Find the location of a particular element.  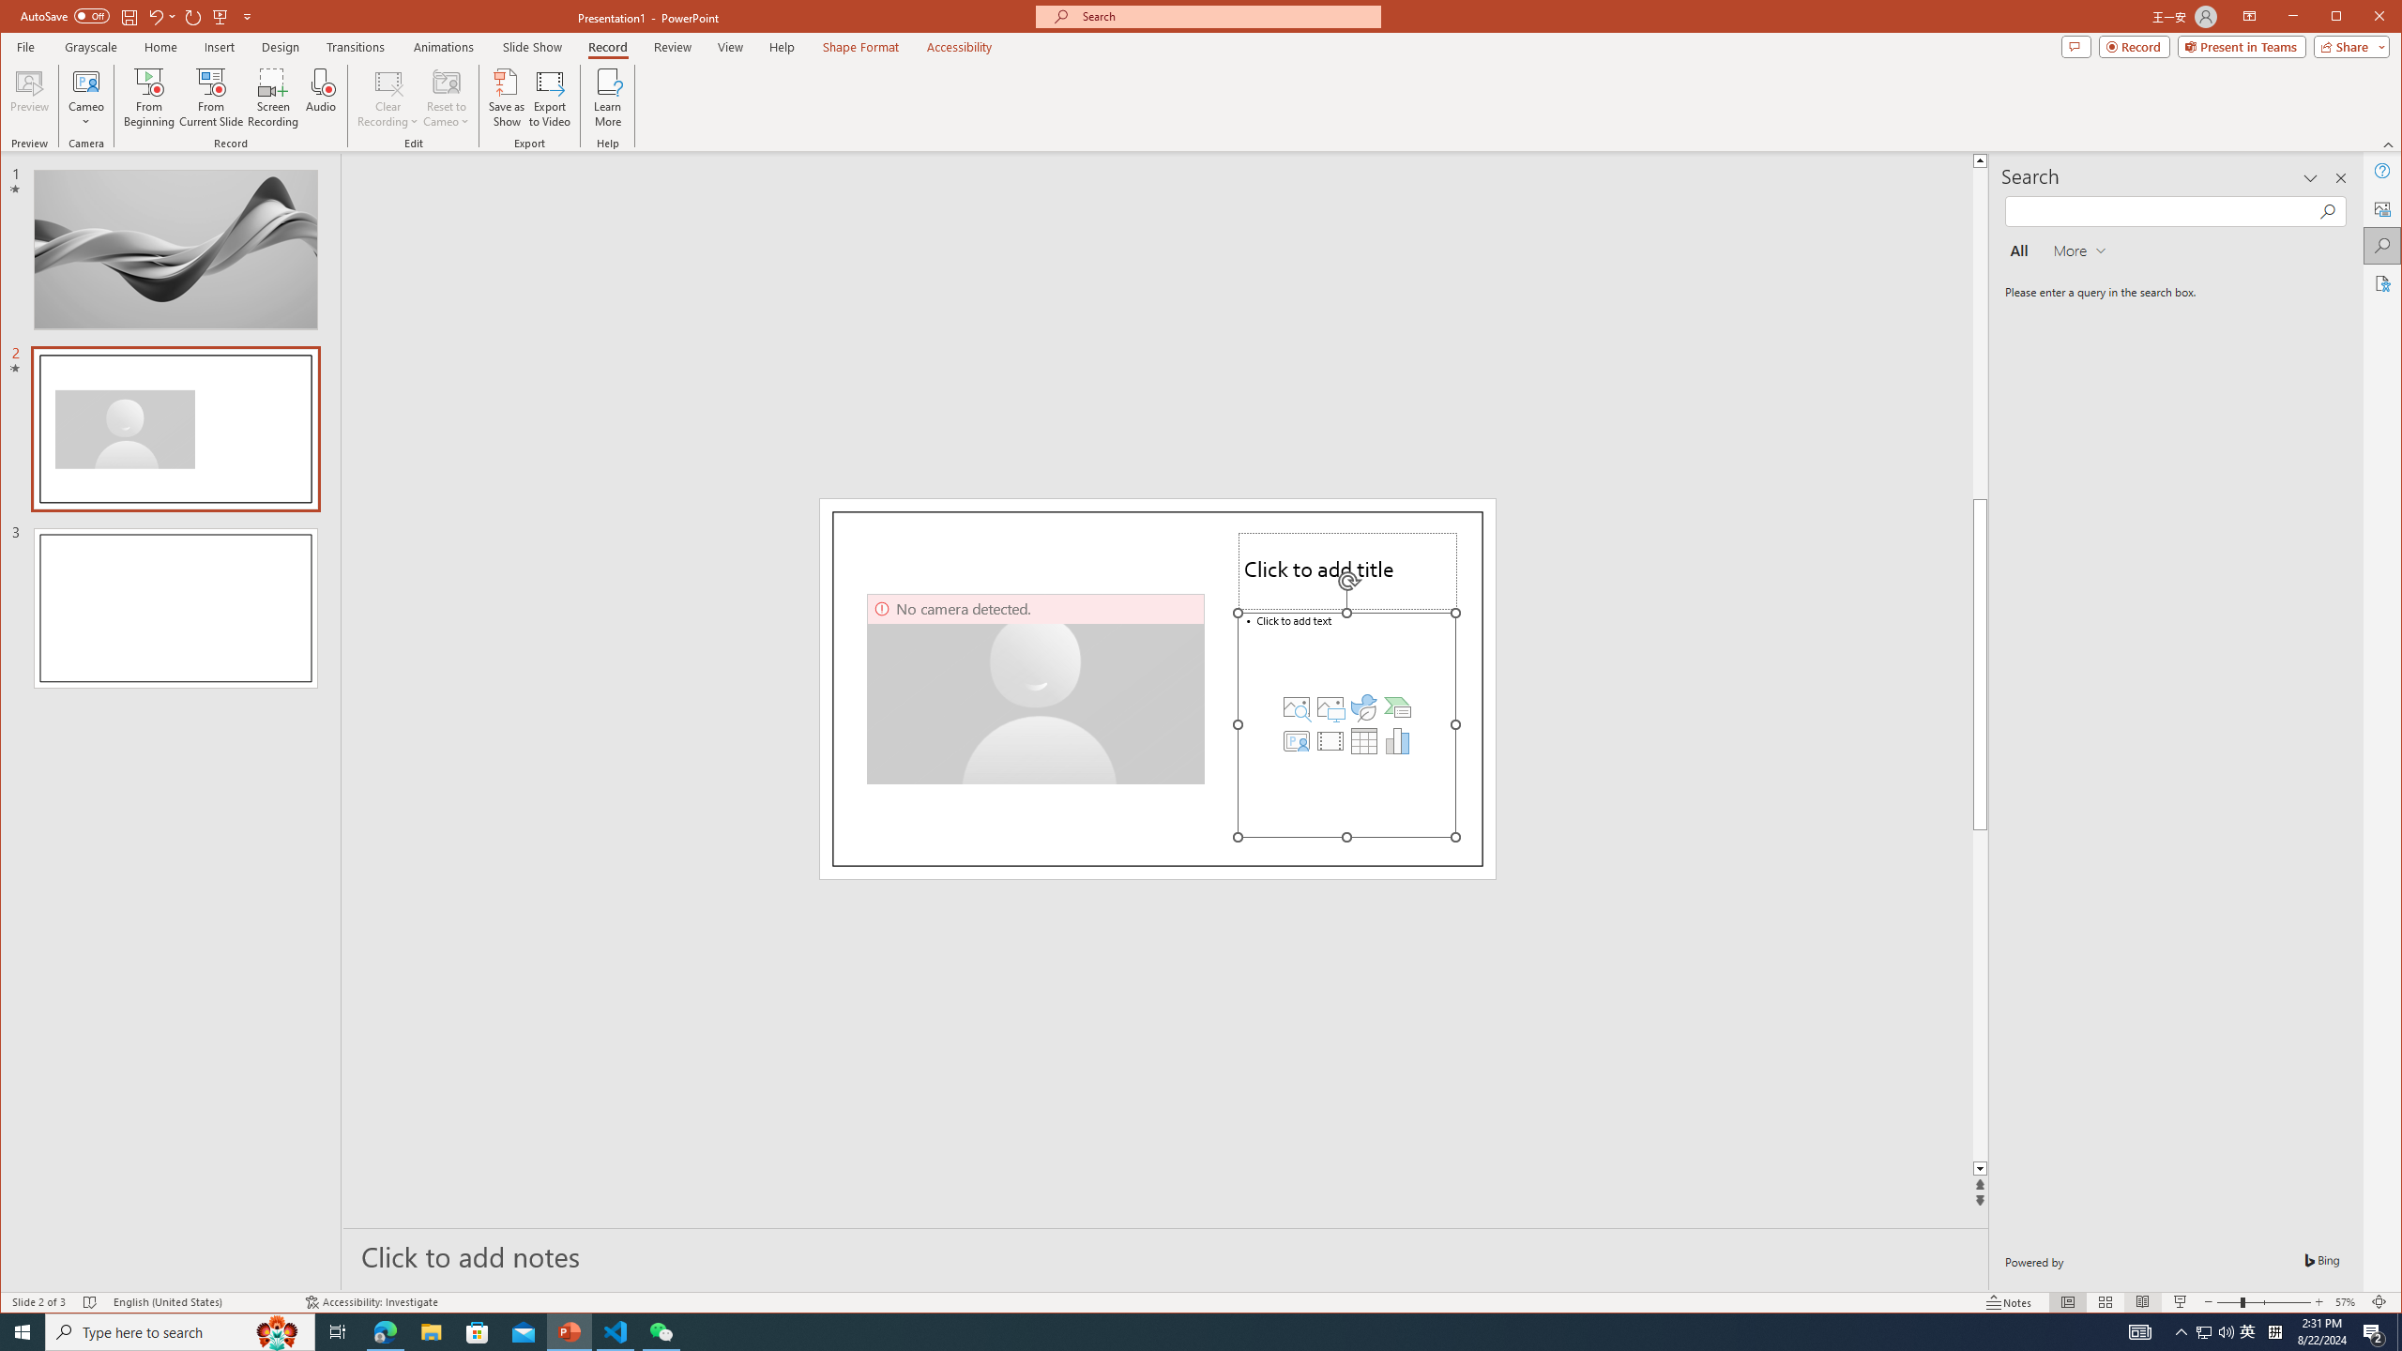

'Preview' is located at coordinates (30, 97).